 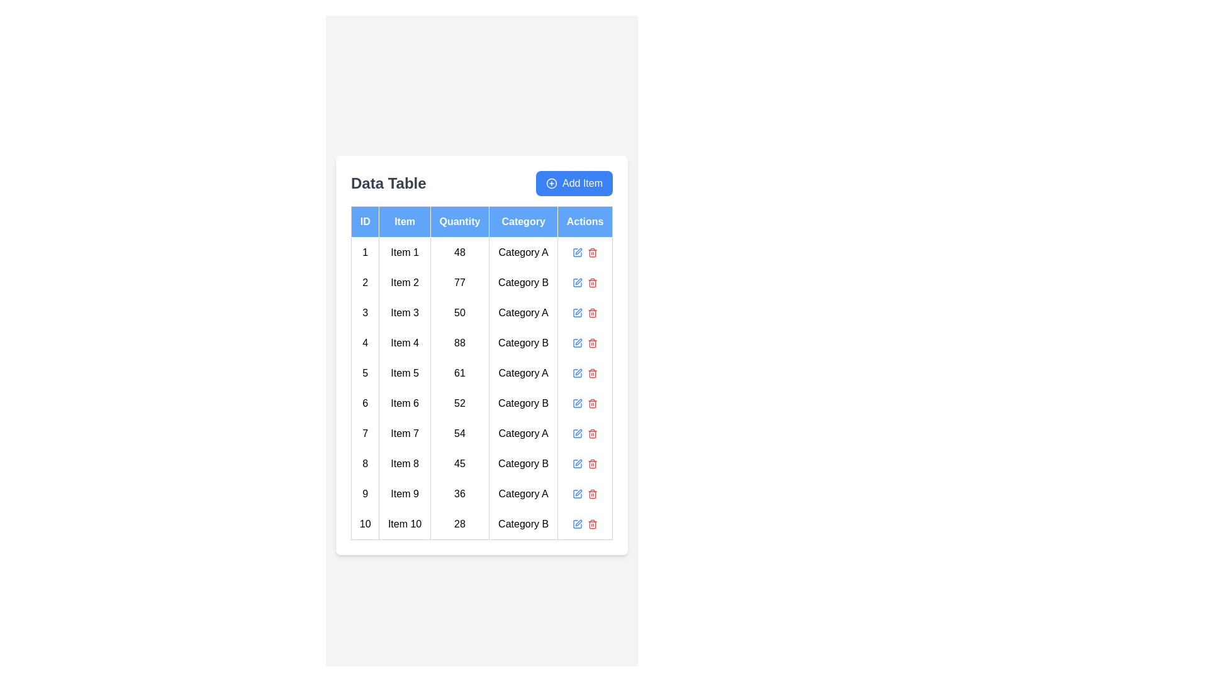 What do you see at coordinates (584, 372) in the screenshot?
I see `the red icon in the 'Actions' column corresponding to 'Item 5'` at bounding box center [584, 372].